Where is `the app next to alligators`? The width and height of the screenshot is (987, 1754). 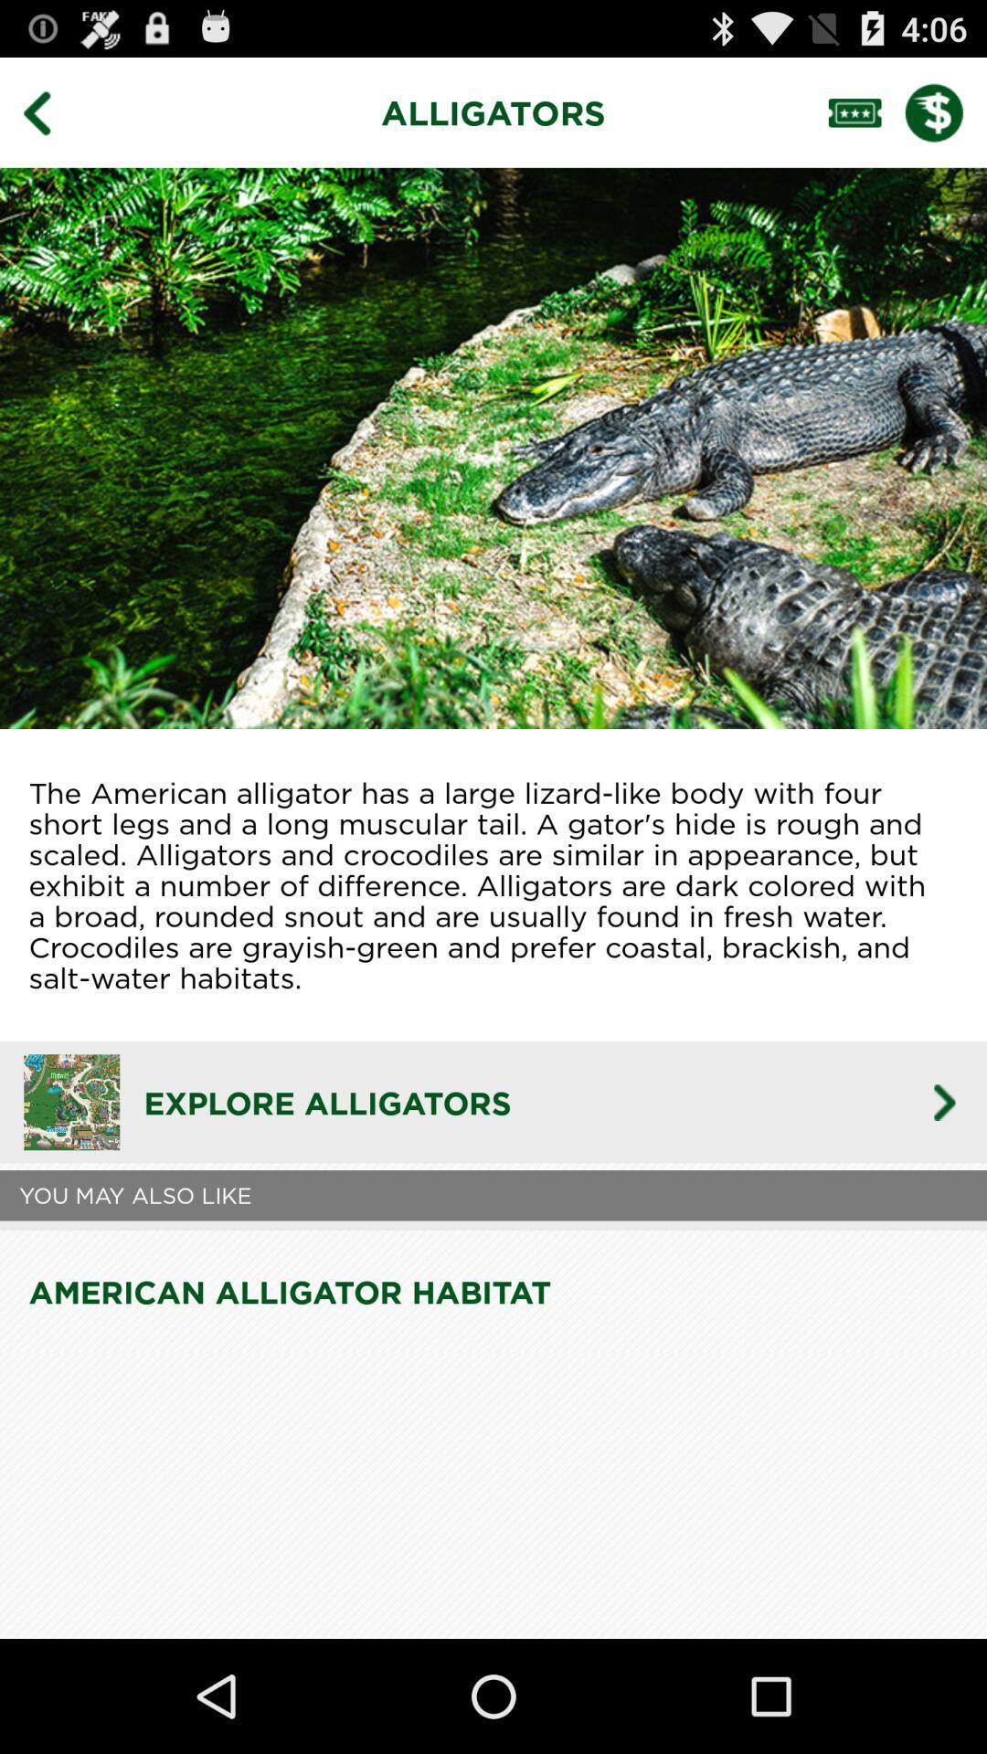 the app next to alligators is located at coordinates (49, 111).